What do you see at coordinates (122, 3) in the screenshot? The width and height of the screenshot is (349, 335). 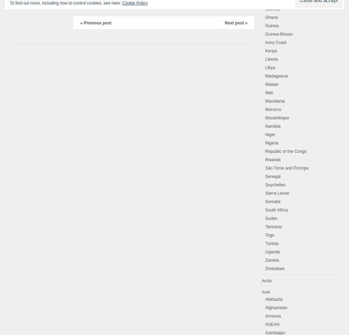 I see `'Cookie Policy'` at bounding box center [122, 3].